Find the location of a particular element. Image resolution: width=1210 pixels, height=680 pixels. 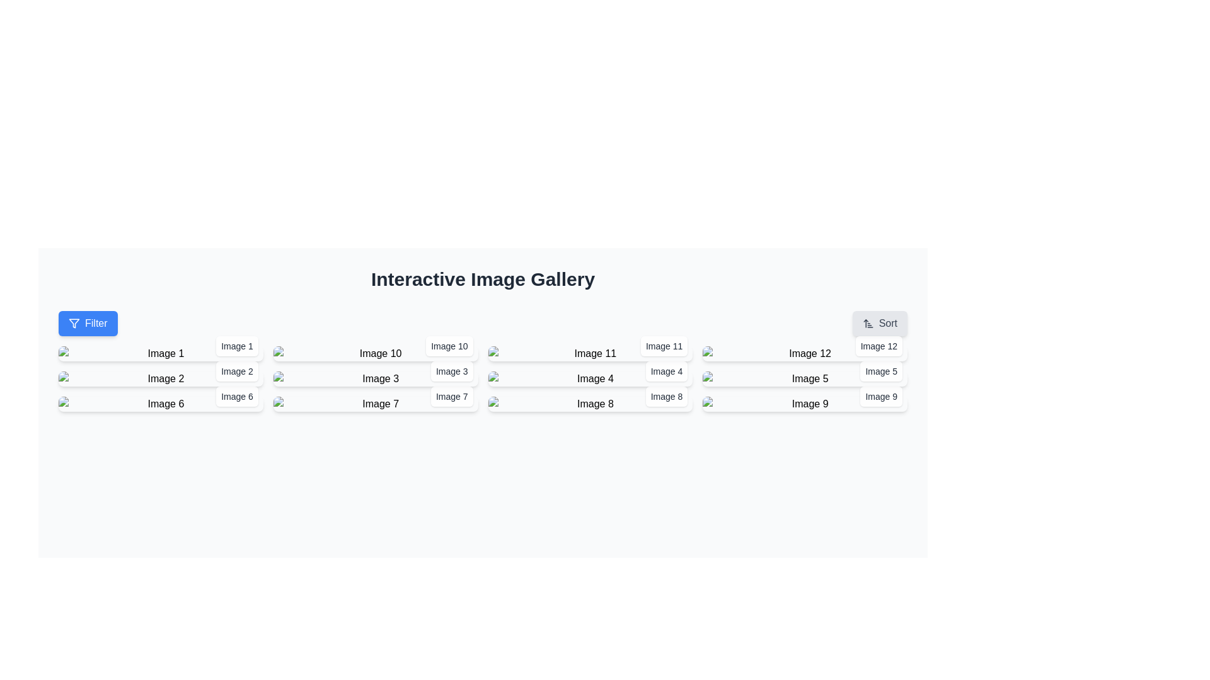

the Image card with caption located in the third column of the first row of the gallery is located at coordinates (589, 354).